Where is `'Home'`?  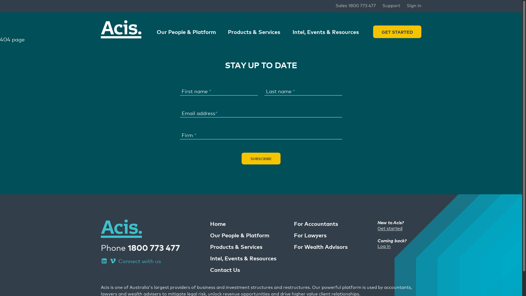
'Home' is located at coordinates (218, 223).